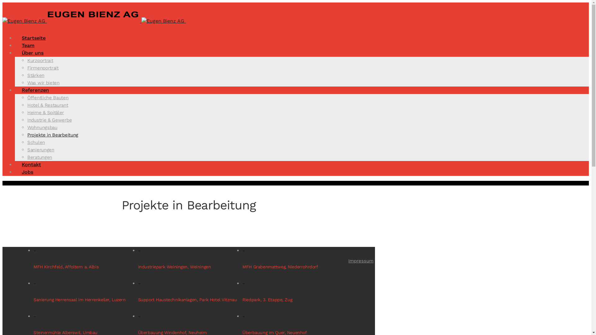 The width and height of the screenshot is (596, 335). I want to click on 'Firmenportrait', so click(43, 68).